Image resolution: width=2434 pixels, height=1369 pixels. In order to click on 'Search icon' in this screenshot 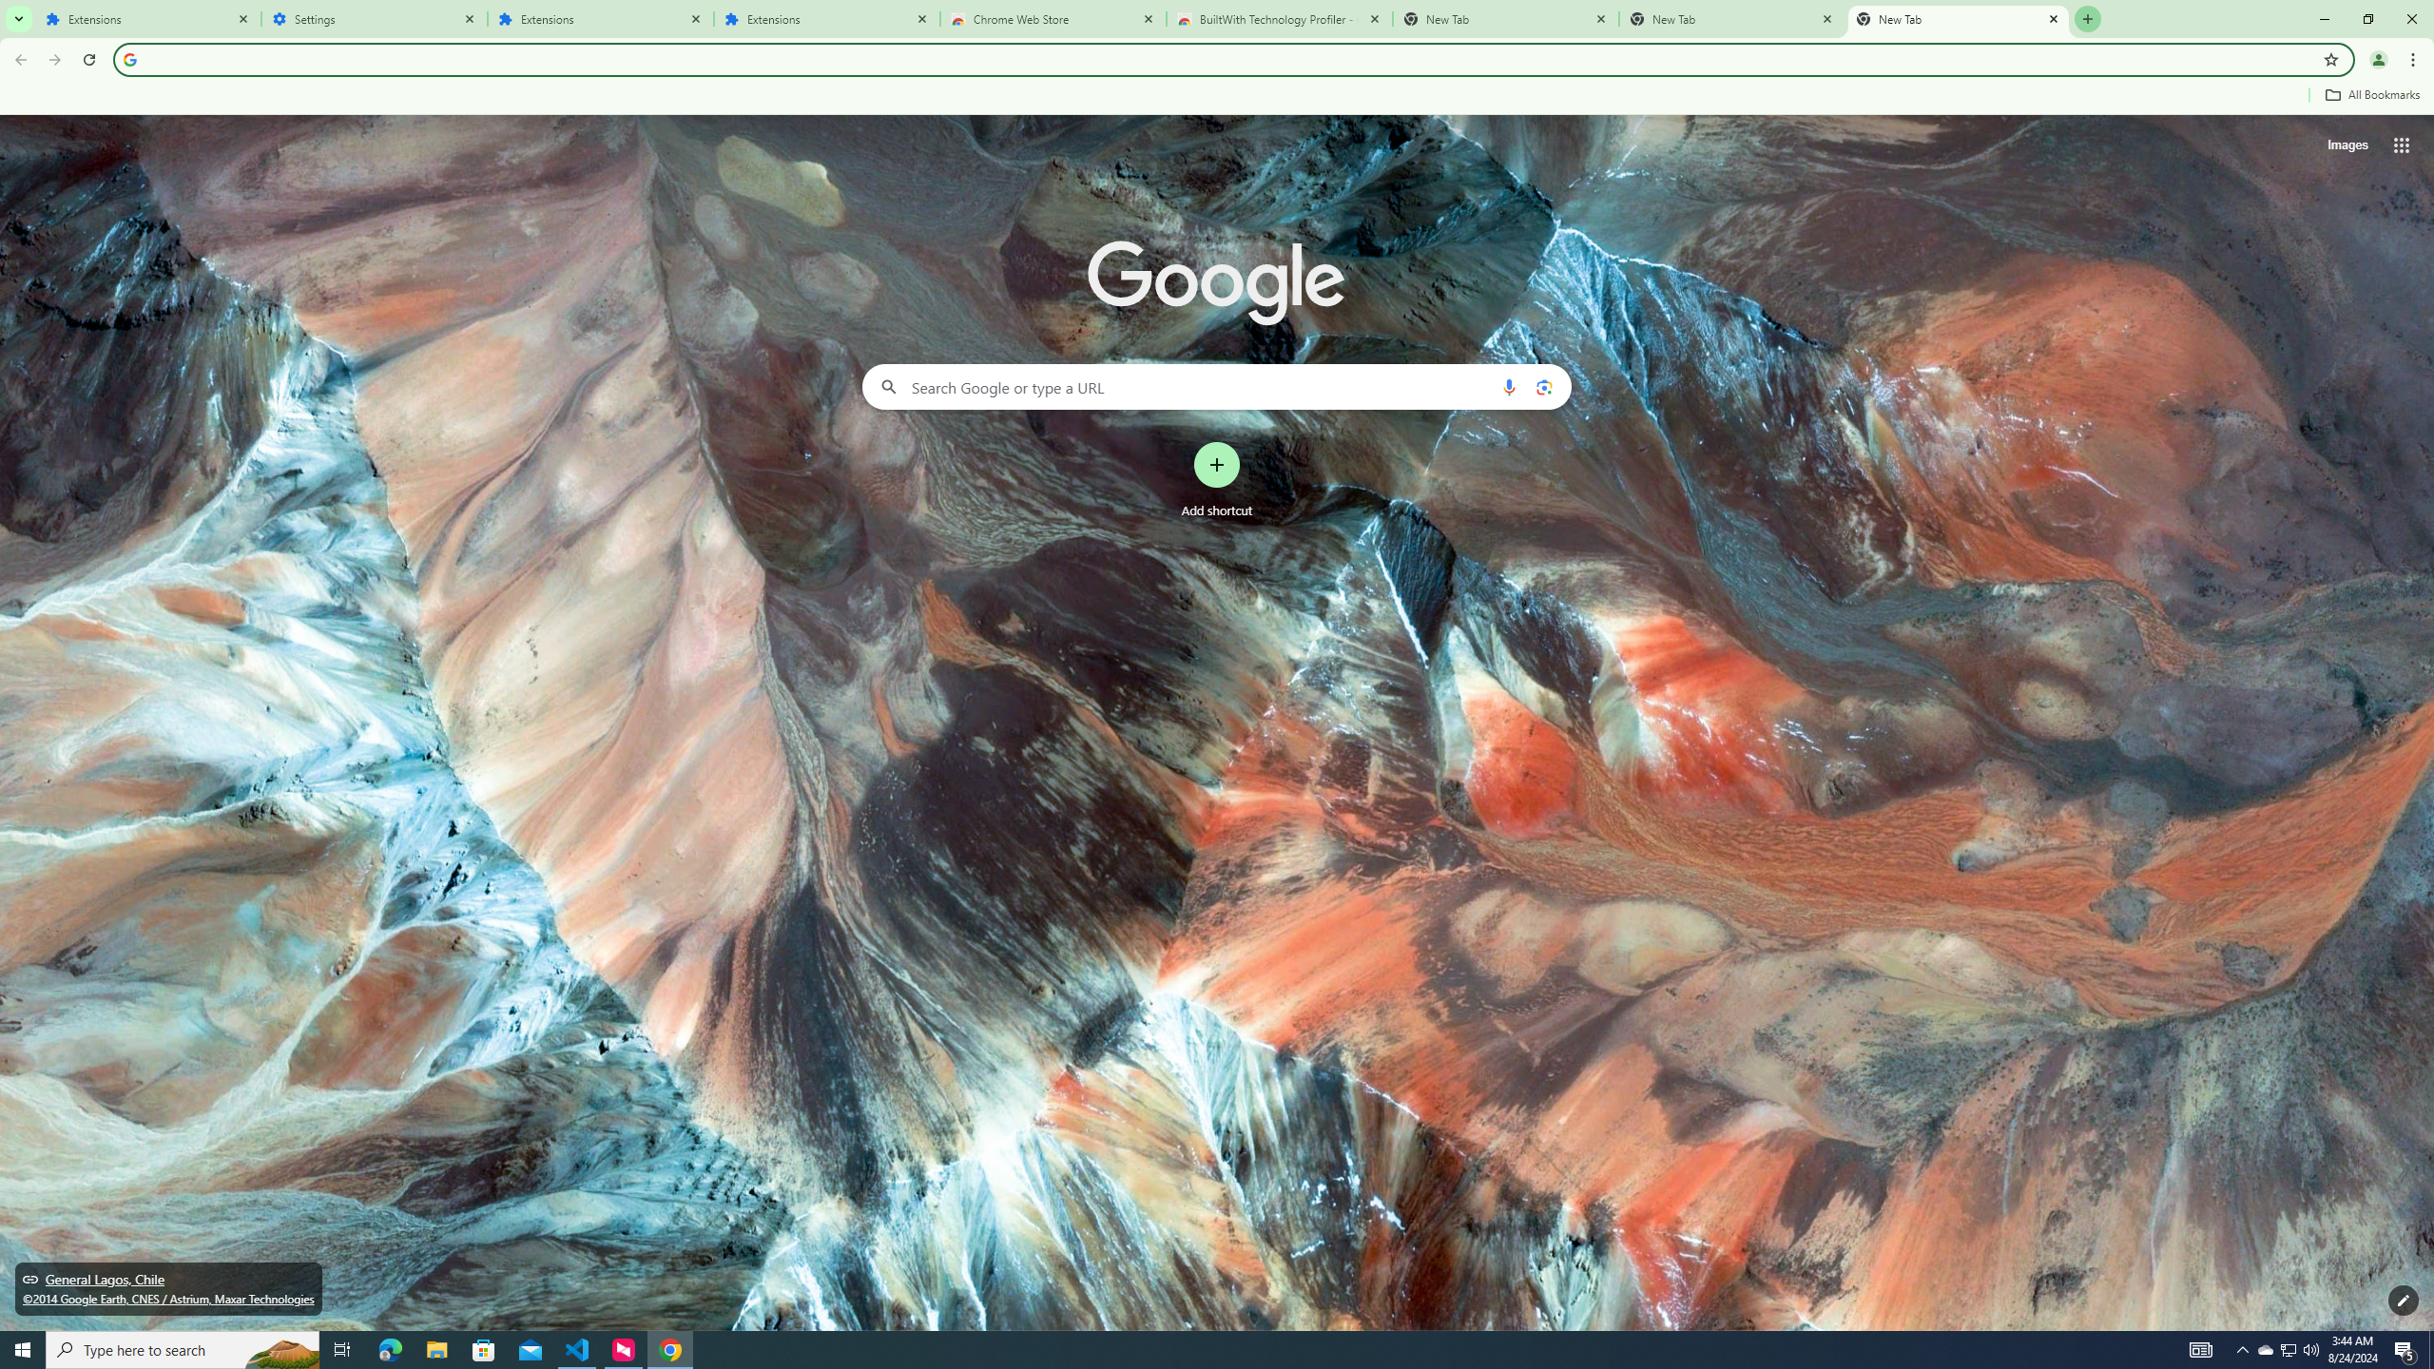, I will do `click(128, 58)`.